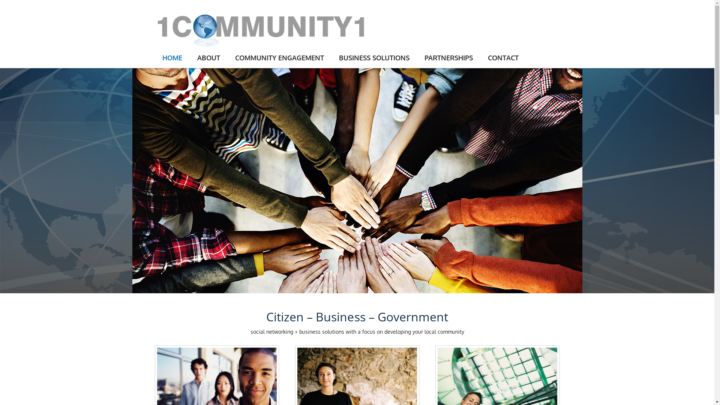 Image resolution: width=720 pixels, height=405 pixels. What do you see at coordinates (279, 57) in the screenshot?
I see `'COMMUNITY ENGAGEMENT'` at bounding box center [279, 57].